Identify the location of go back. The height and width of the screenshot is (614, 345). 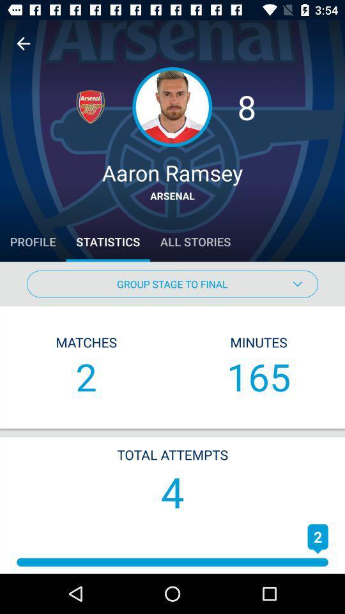
(23, 43).